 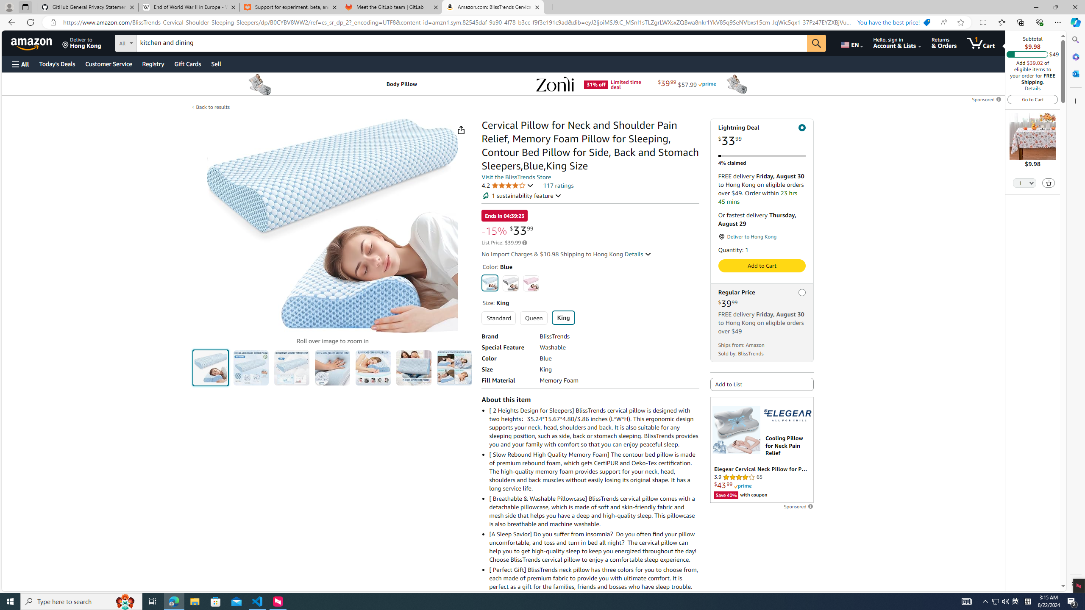 What do you see at coordinates (461, 130) in the screenshot?
I see `'Share'` at bounding box center [461, 130].